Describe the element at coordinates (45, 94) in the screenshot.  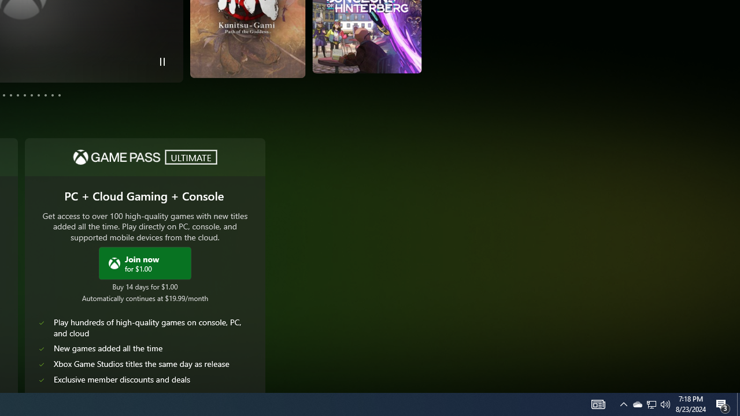
I see `'Page 10'` at that location.